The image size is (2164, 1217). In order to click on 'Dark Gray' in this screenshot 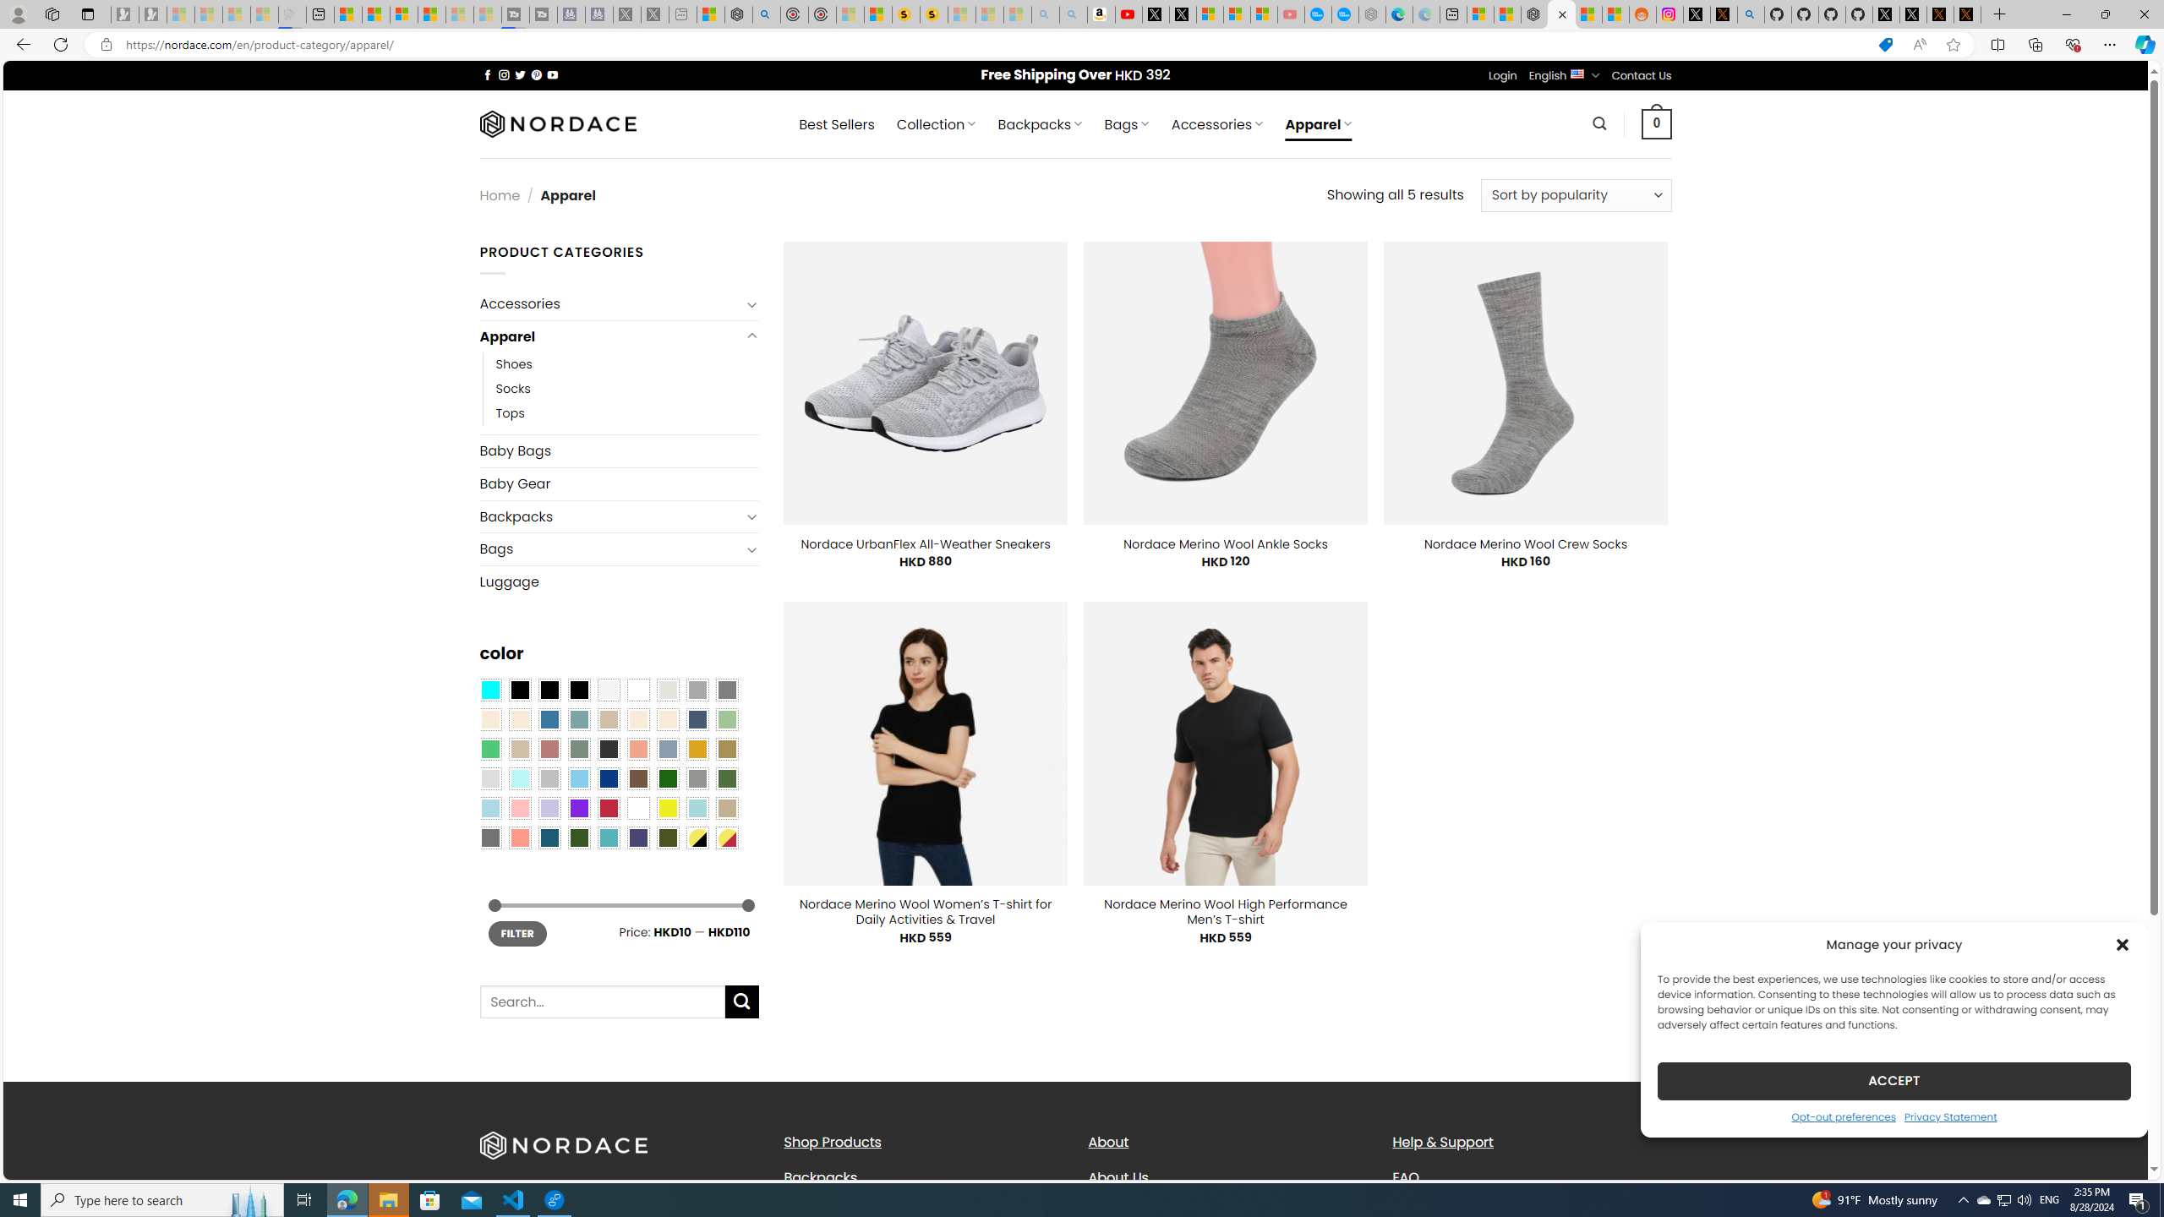, I will do `click(696, 689)`.